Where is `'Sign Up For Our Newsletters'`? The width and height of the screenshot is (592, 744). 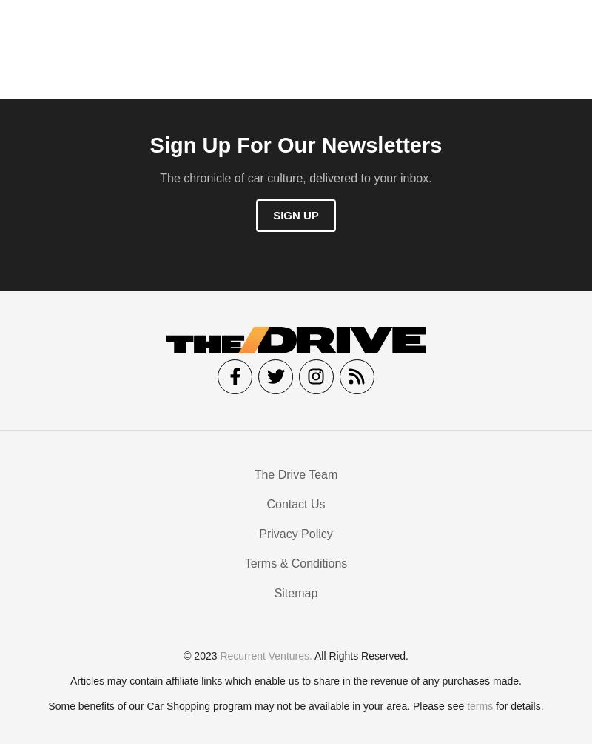
'Sign Up For Our Newsletters' is located at coordinates (295, 148).